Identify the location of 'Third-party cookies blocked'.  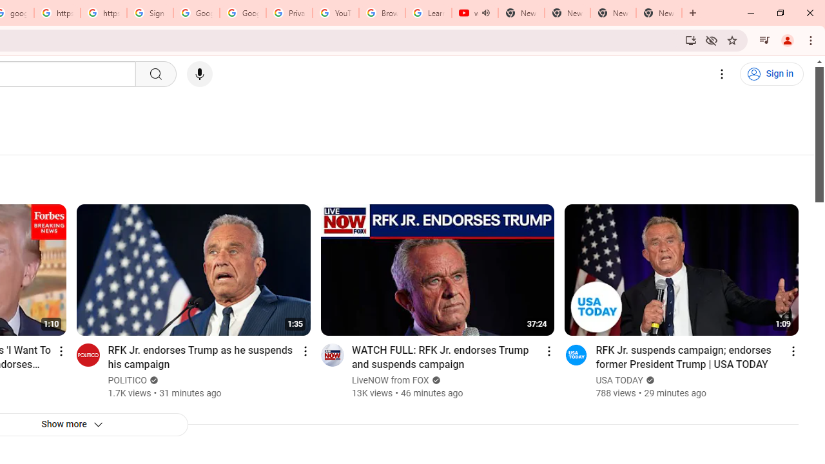
(711, 39).